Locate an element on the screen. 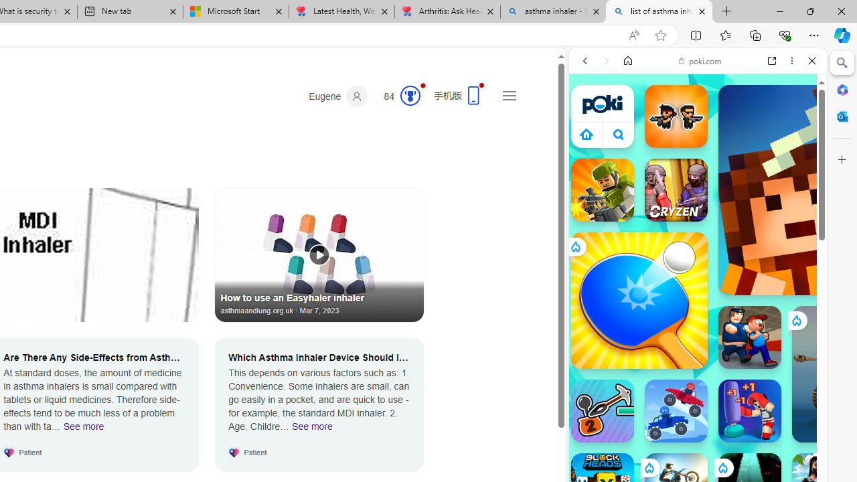  'Punch Legend Simulator Punch Legend Simulator' is located at coordinates (750, 410).